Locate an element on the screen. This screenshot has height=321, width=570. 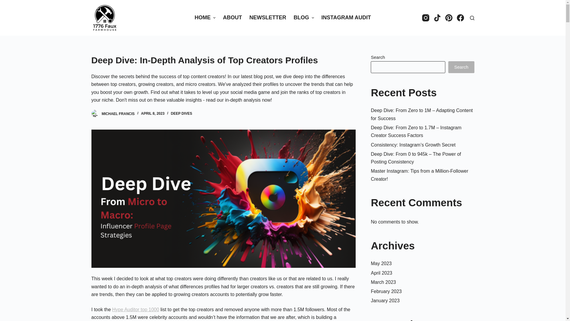
'Master Instagram: Tips from a Million-Follower Creator!' is located at coordinates (419, 174).